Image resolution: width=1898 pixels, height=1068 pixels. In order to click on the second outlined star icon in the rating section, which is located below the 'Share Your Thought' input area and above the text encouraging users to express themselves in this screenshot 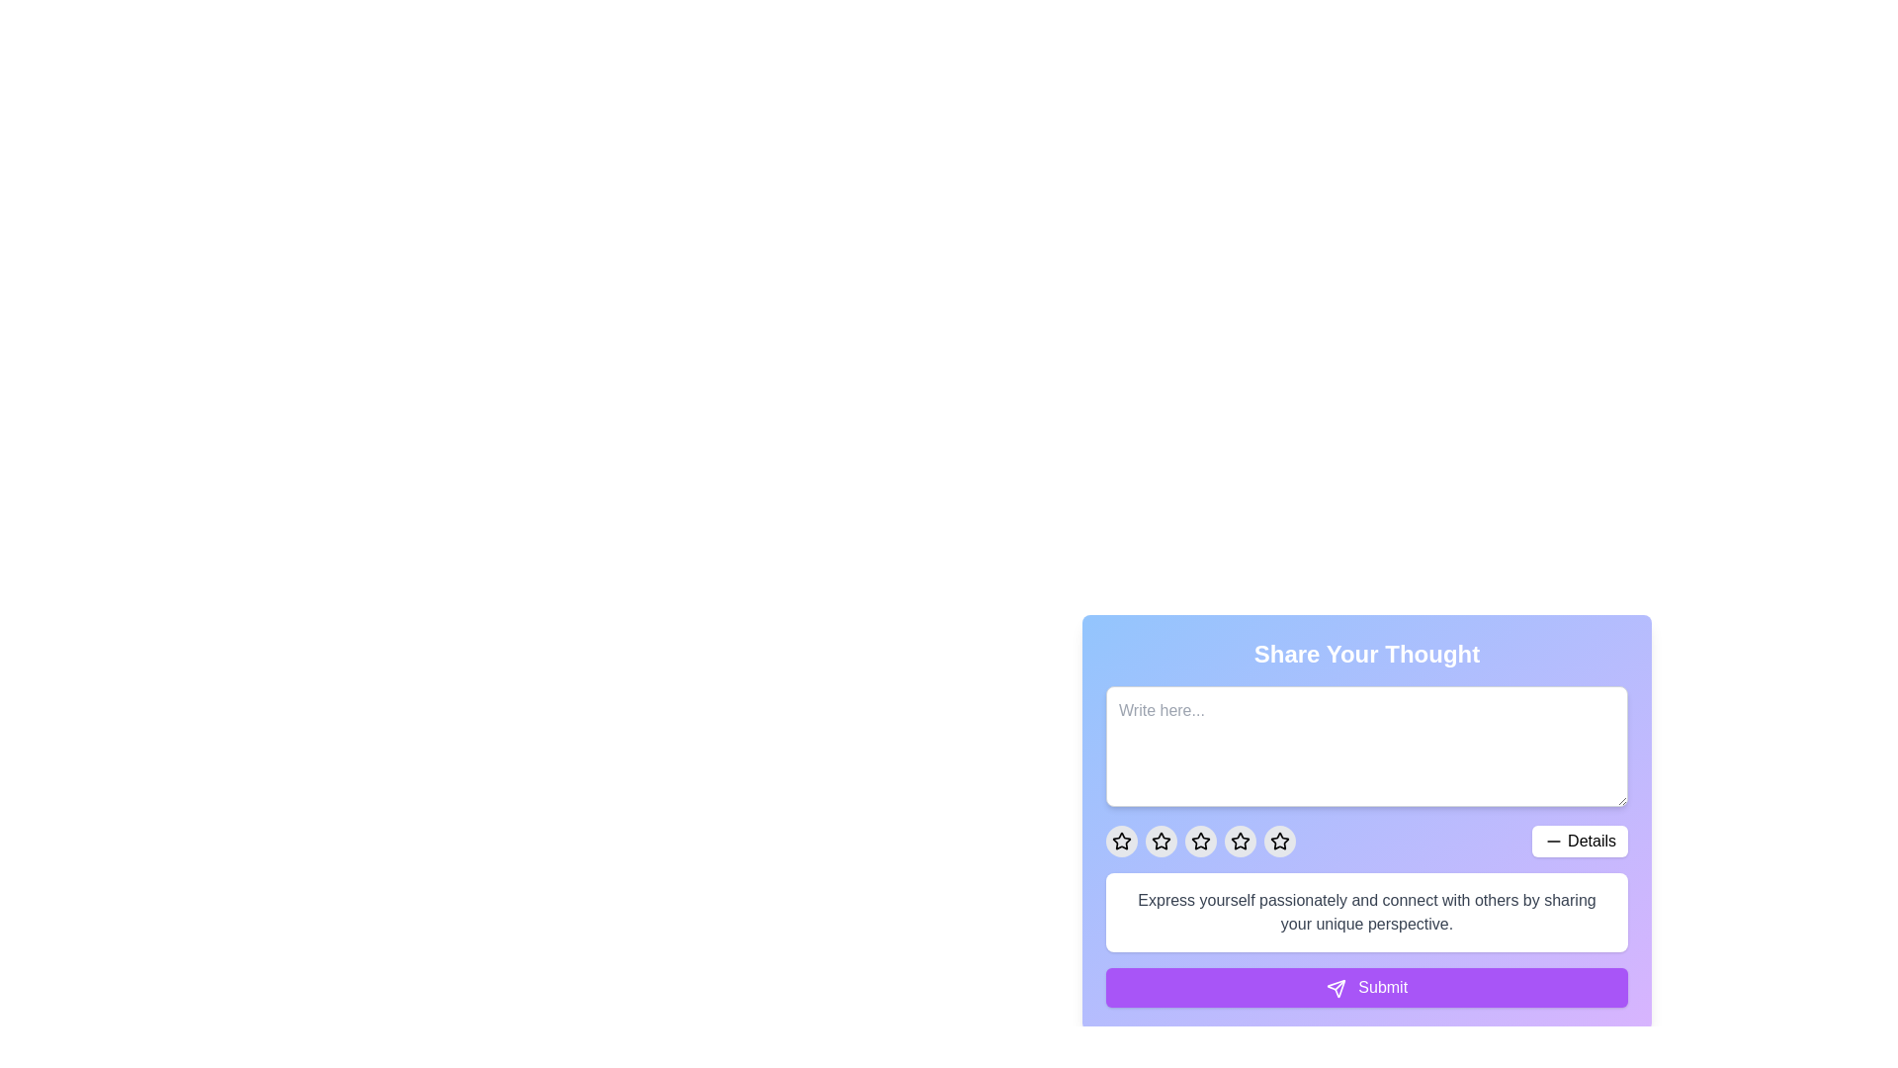, I will do `click(1199, 841)`.